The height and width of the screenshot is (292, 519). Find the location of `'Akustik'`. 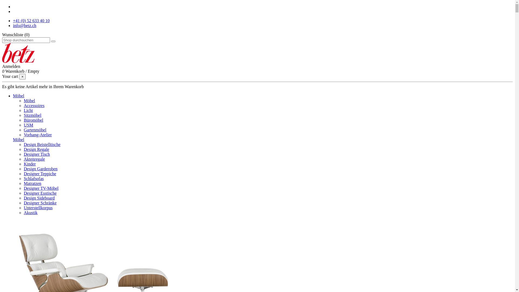

'Akustik' is located at coordinates (30, 212).